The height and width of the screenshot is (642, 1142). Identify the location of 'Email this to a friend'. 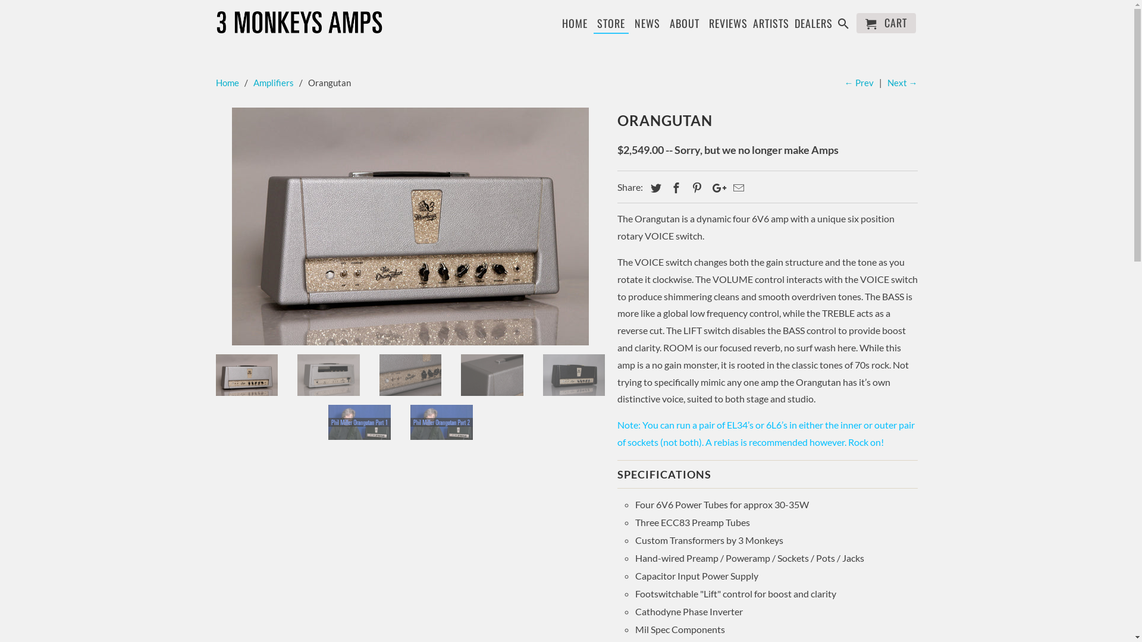
(736, 187).